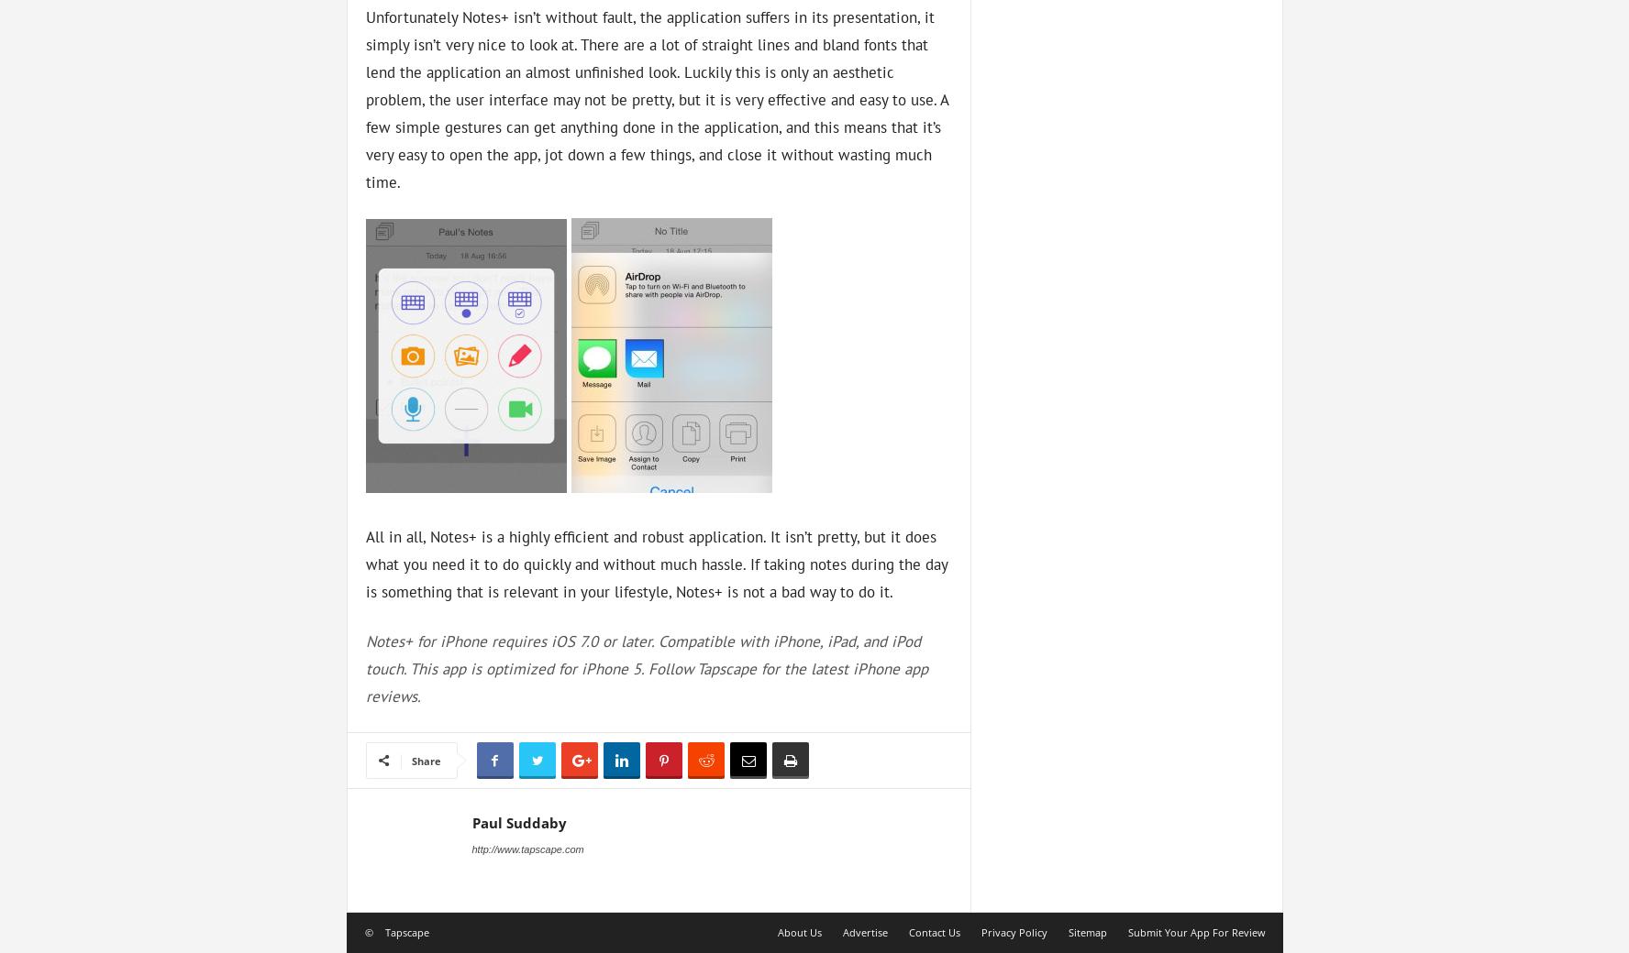 Image resolution: width=1629 pixels, height=953 pixels. Describe the element at coordinates (518, 819) in the screenshot. I see `'Paul Suddaby'` at that location.